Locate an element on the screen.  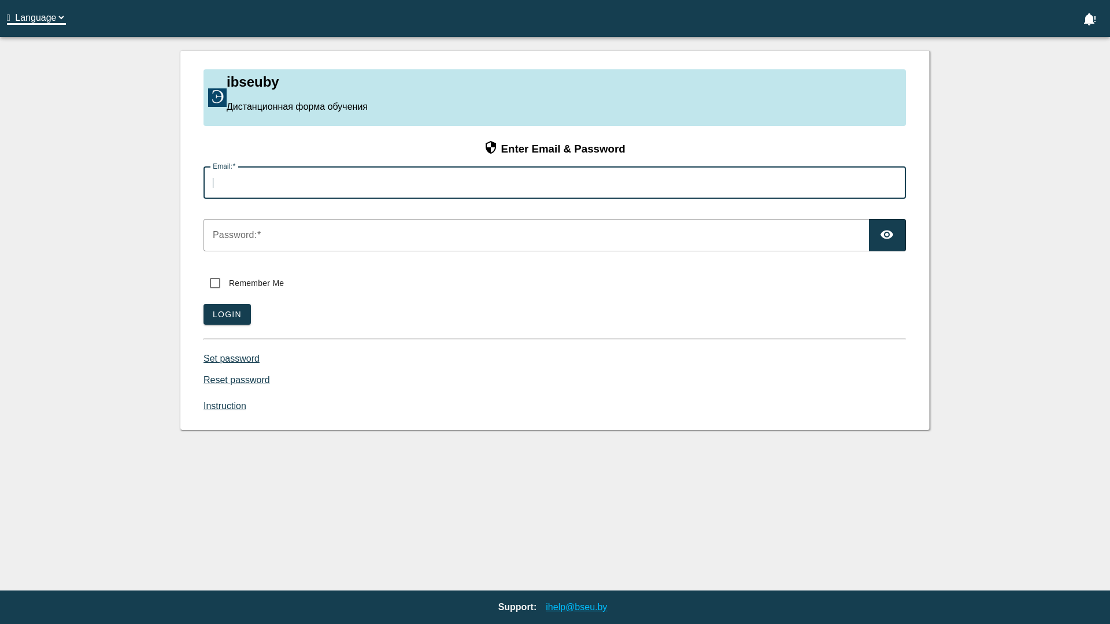
'Set password' is located at coordinates (203, 358).